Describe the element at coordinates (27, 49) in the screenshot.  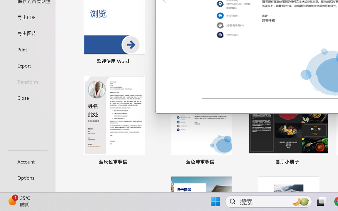
I see `'Print'` at that location.